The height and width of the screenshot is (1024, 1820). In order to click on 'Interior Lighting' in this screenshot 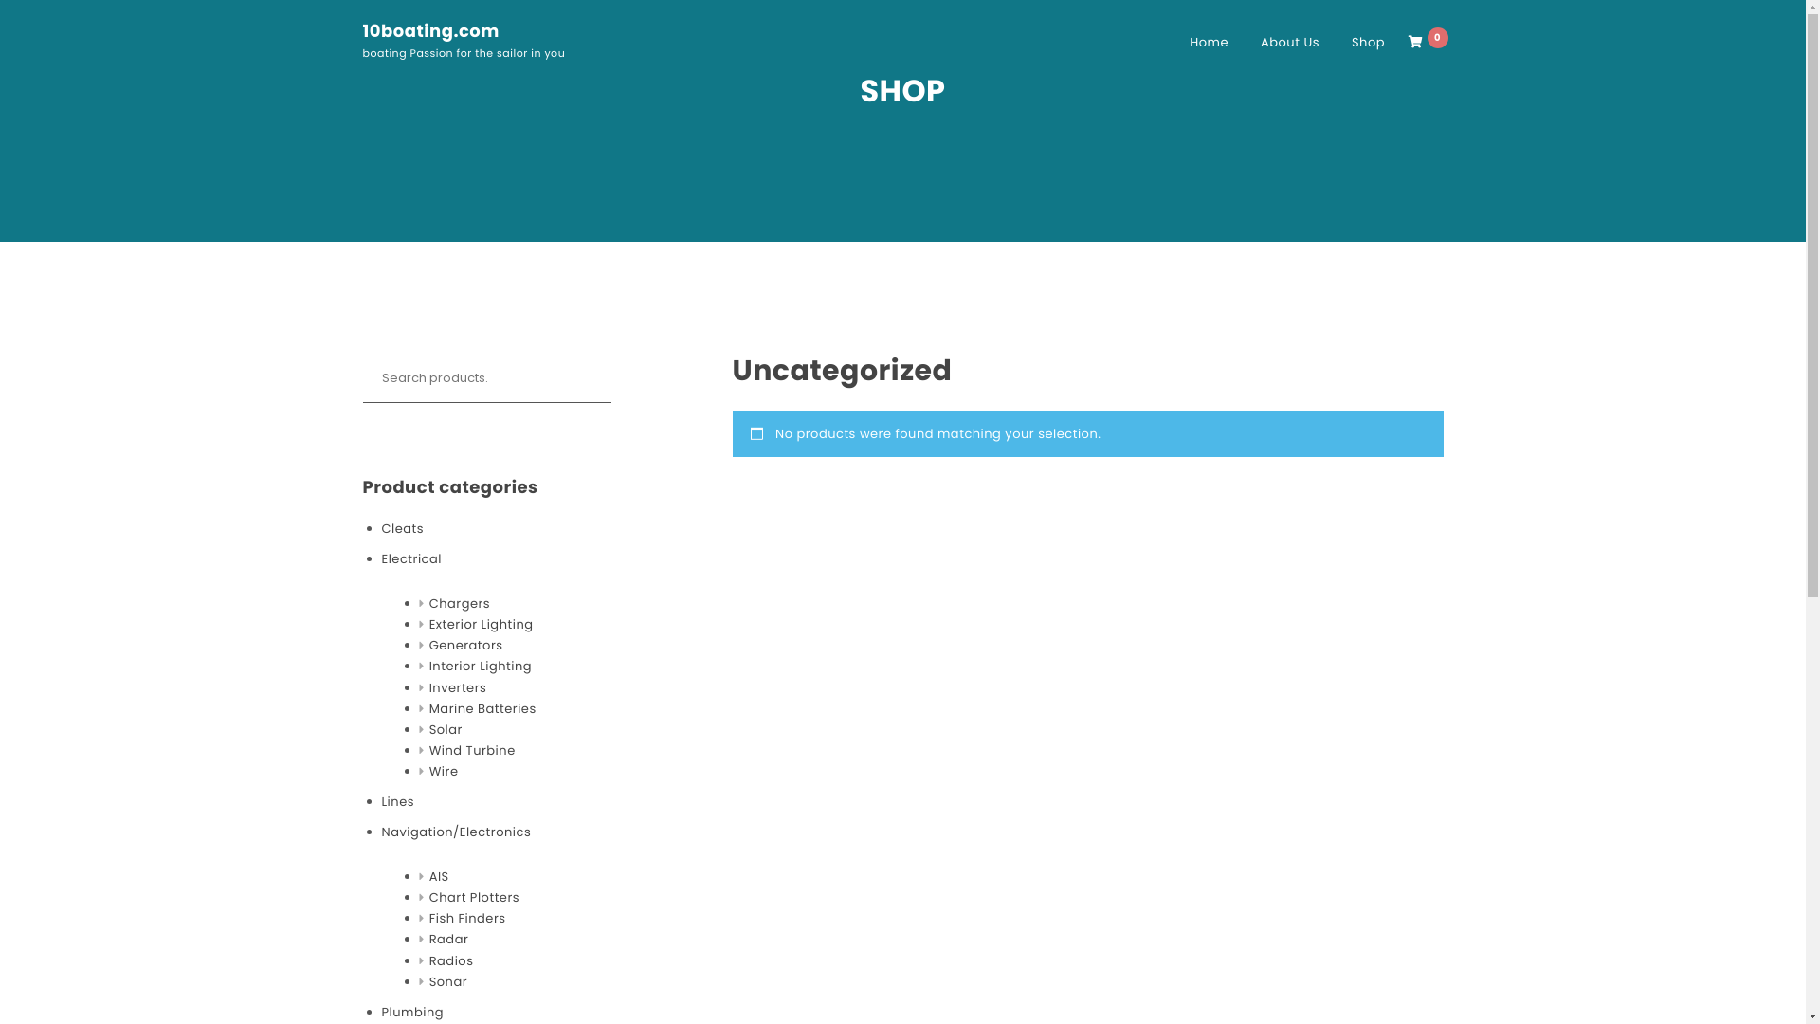, I will do `click(481, 665)`.